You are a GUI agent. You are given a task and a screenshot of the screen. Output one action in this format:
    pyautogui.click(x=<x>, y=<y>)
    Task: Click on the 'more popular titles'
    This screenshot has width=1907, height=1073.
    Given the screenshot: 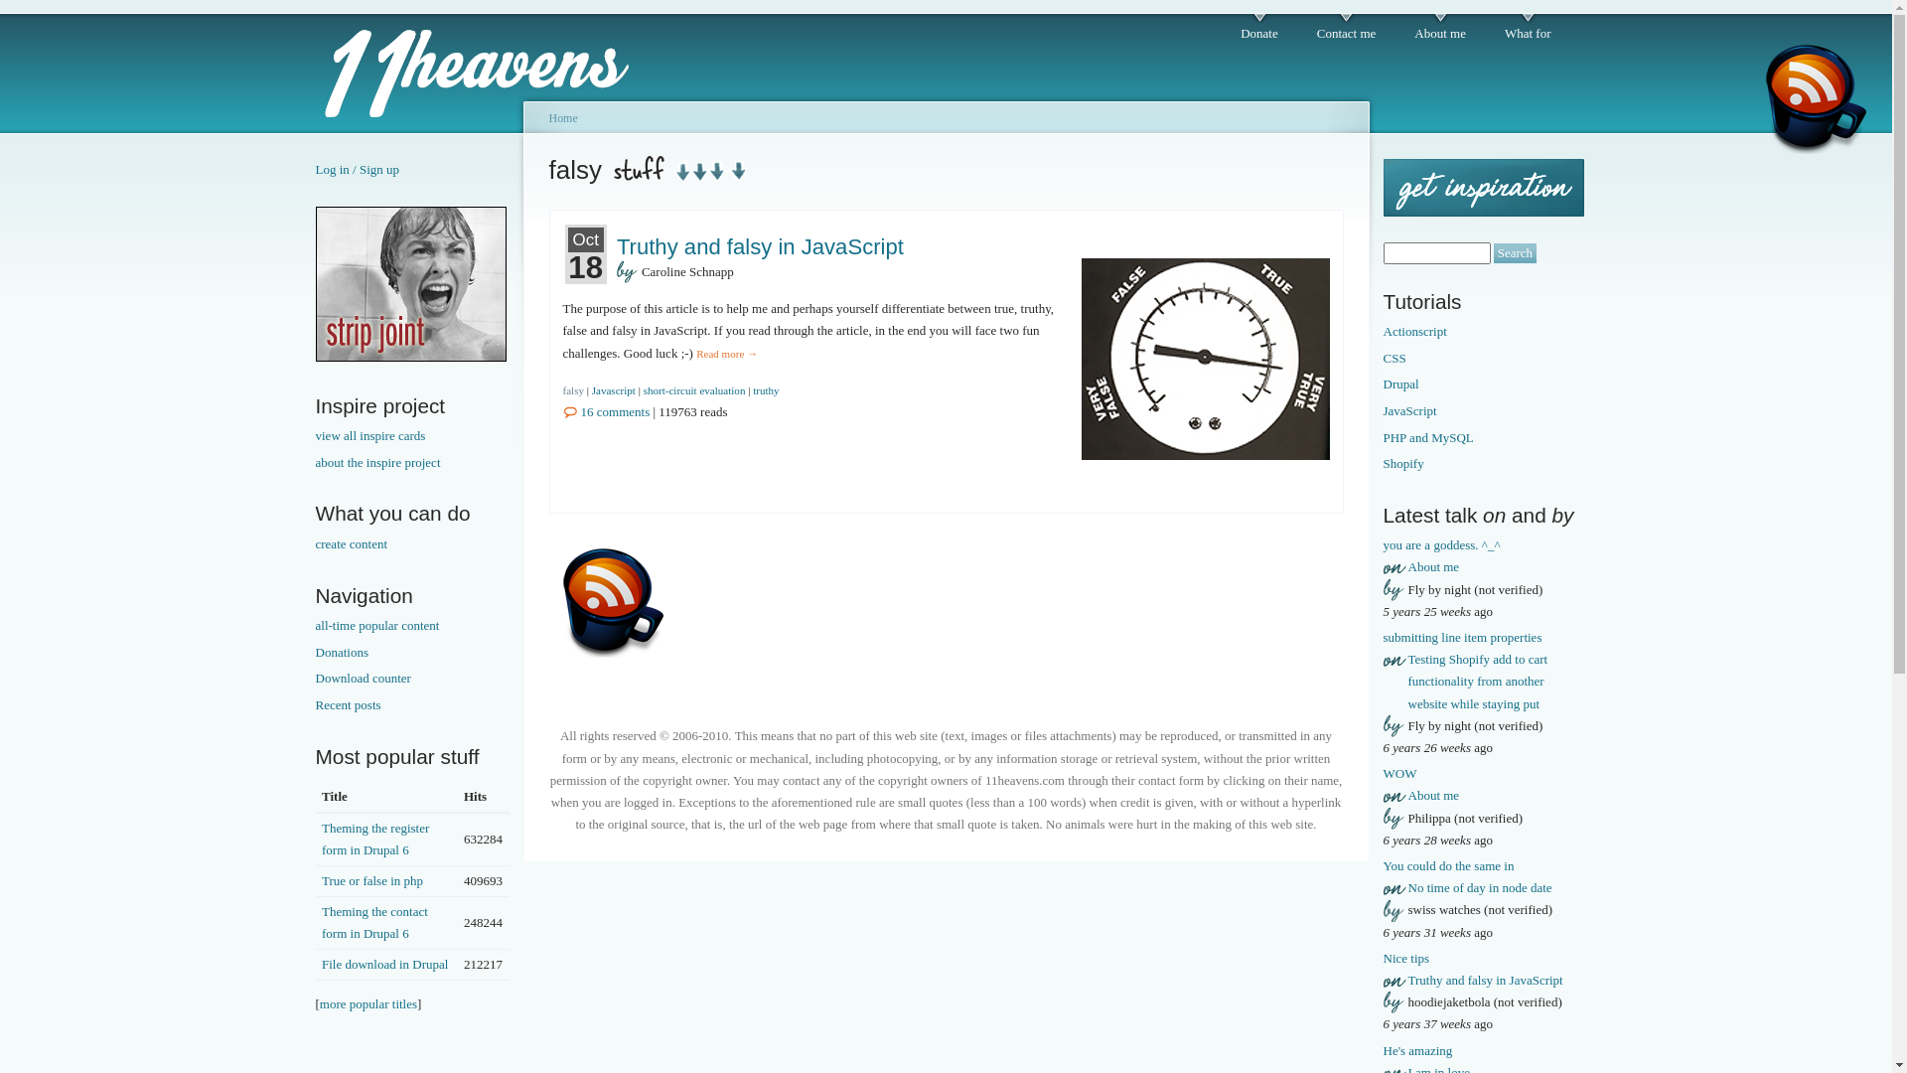 What is the action you would take?
    pyautogui.click(x=367, y=1003)
    